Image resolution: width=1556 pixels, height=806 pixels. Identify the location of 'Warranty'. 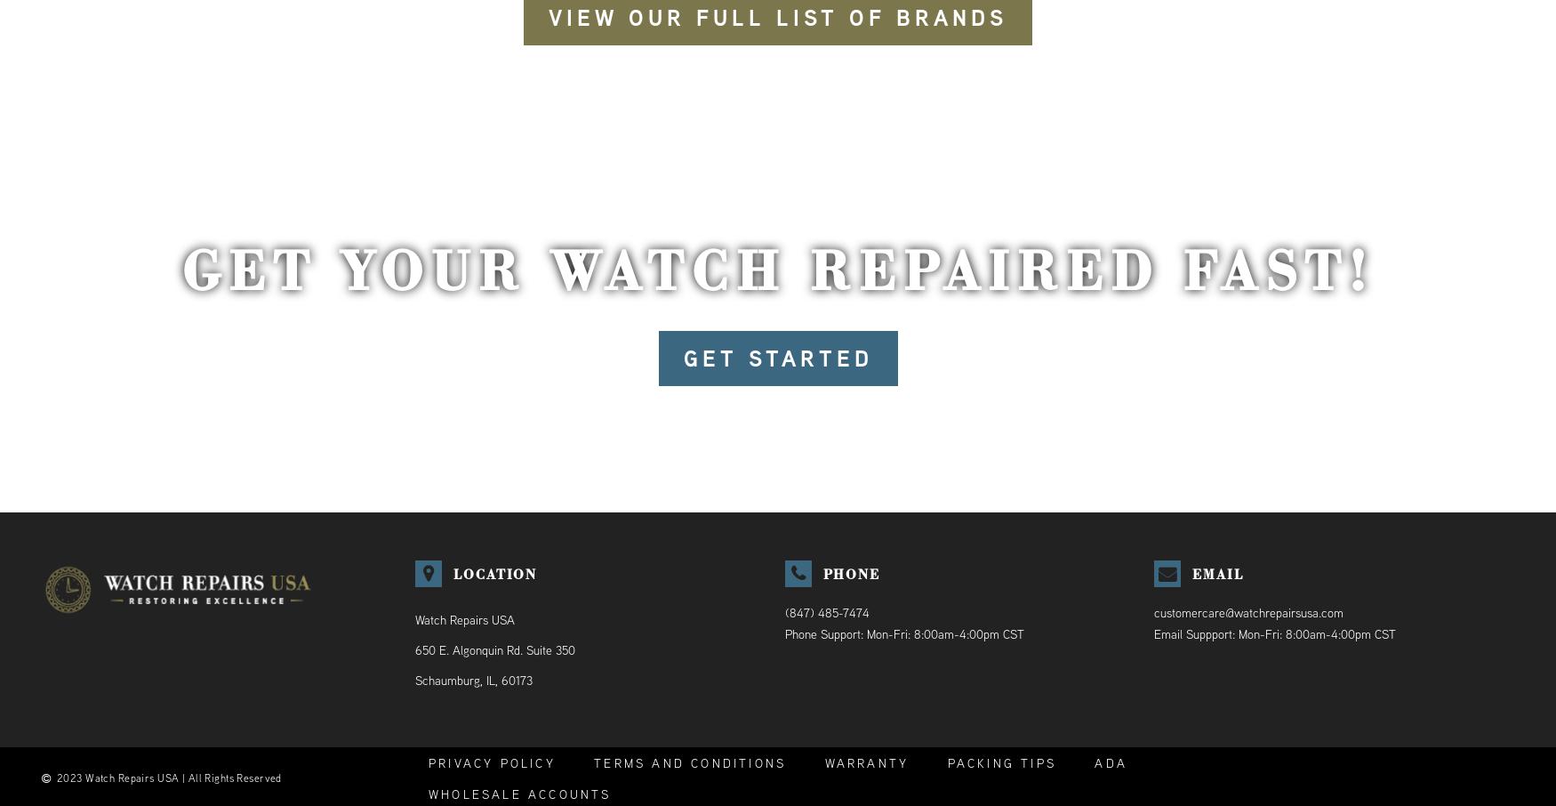
(822, 762).